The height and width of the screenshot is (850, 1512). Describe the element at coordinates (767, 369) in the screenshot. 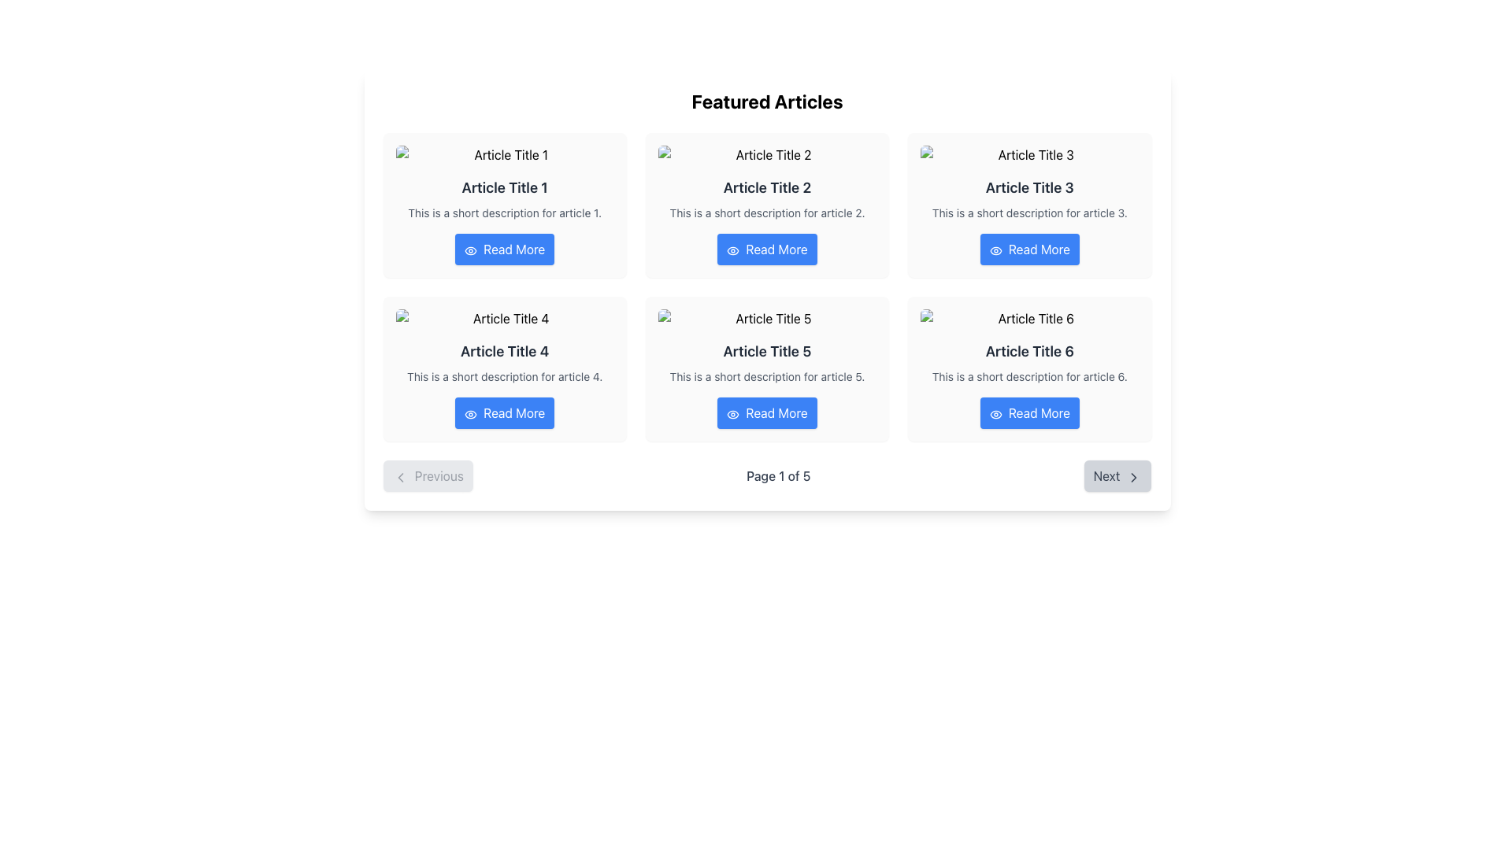

I see `title and description of the Card UI Component which is the fifth card in the grid layout of the 'Featured Articles' section` at that location.